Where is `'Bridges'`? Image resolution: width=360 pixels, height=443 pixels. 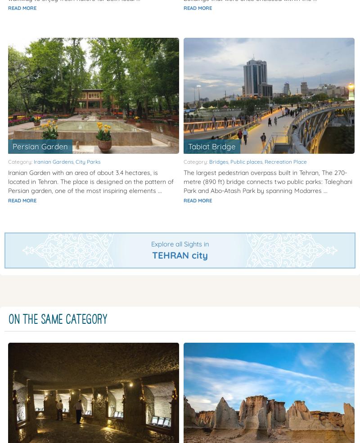
'Bridges' is located at coordinates (219, 161).